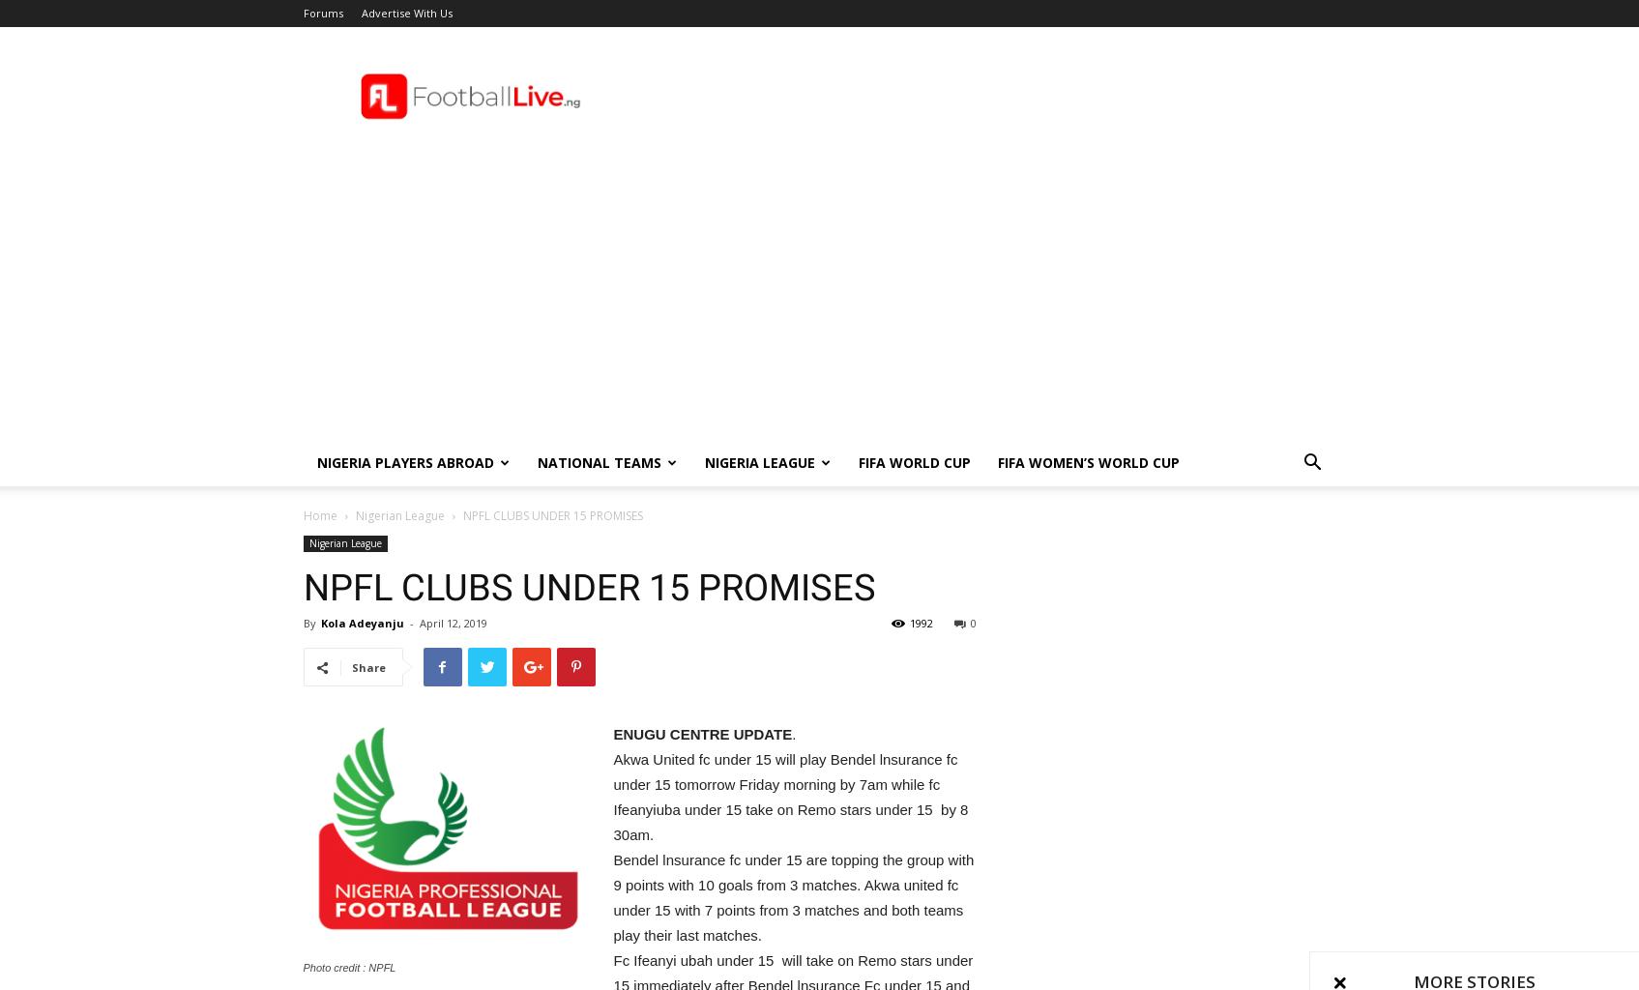  I want to click on '-', so click(409, 622).